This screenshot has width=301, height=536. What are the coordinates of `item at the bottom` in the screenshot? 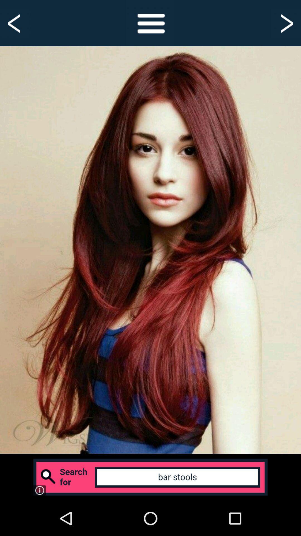 It's located at (151, 477).